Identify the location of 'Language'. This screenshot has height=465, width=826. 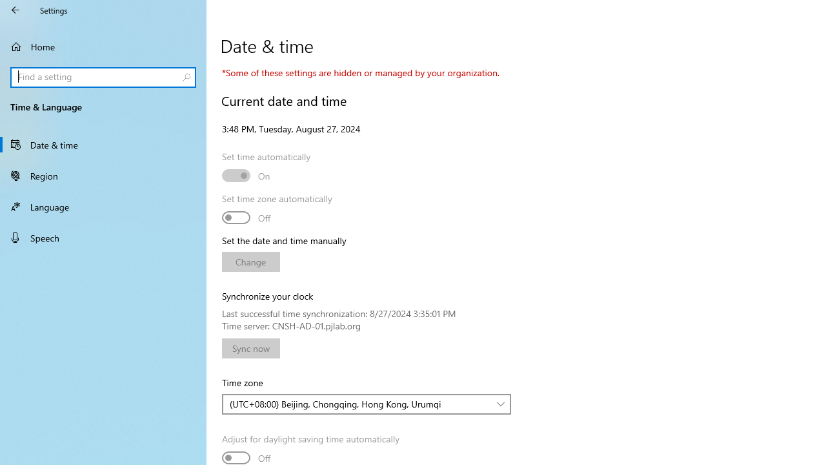
(103, 206).